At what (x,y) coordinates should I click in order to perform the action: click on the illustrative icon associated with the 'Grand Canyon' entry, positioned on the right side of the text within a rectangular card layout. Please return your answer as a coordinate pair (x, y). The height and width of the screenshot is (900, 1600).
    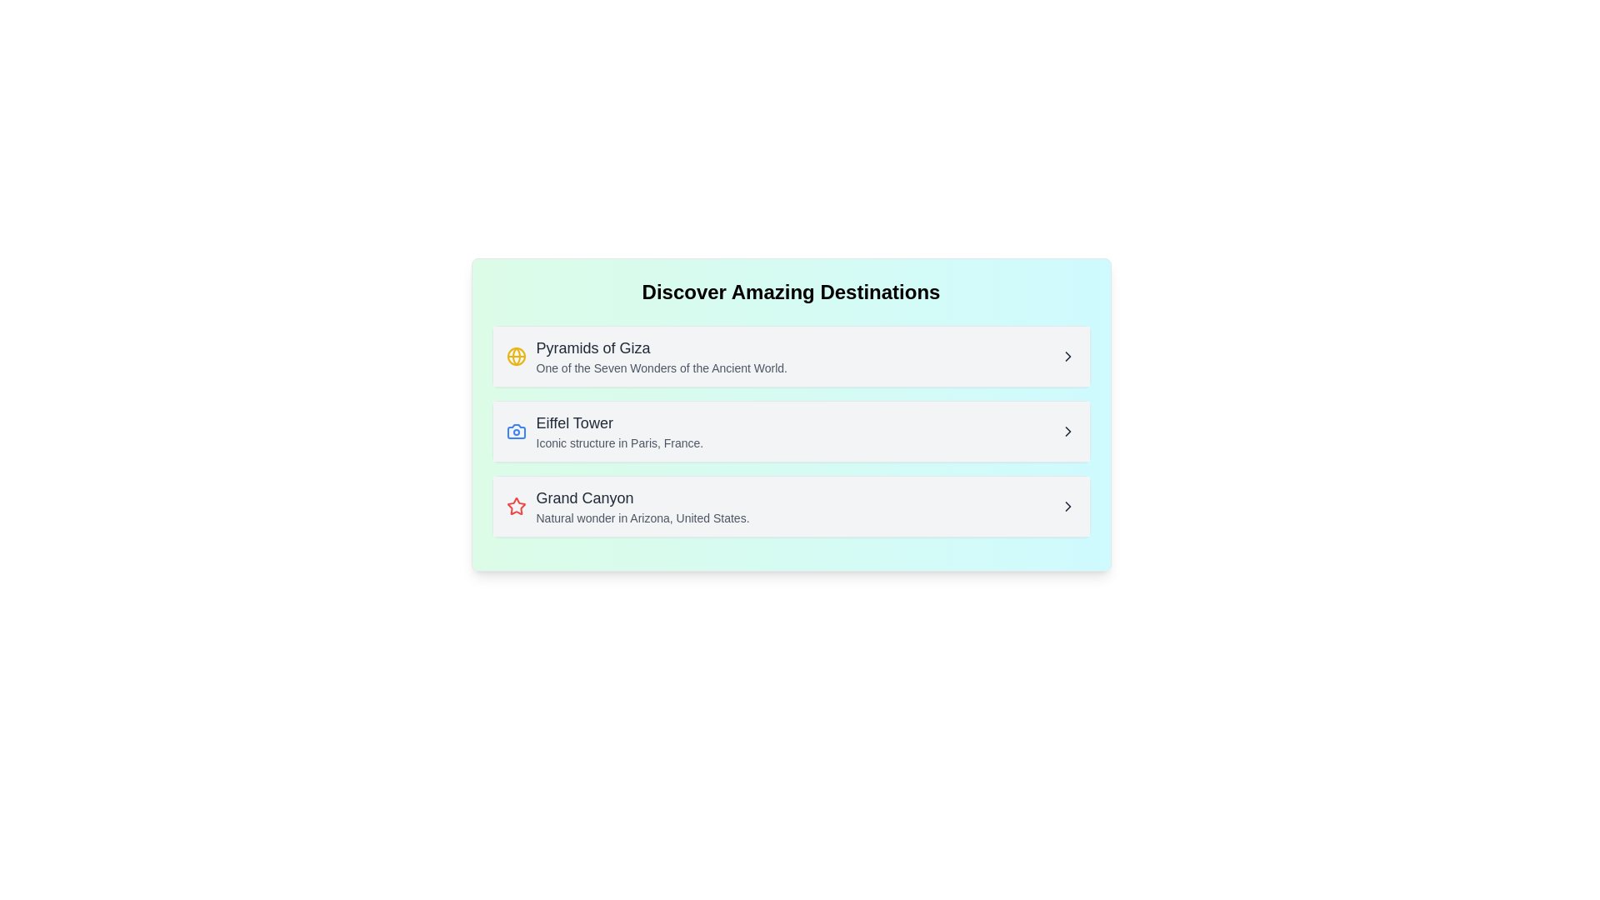
    Looking at the image, I should click on (515, 505).